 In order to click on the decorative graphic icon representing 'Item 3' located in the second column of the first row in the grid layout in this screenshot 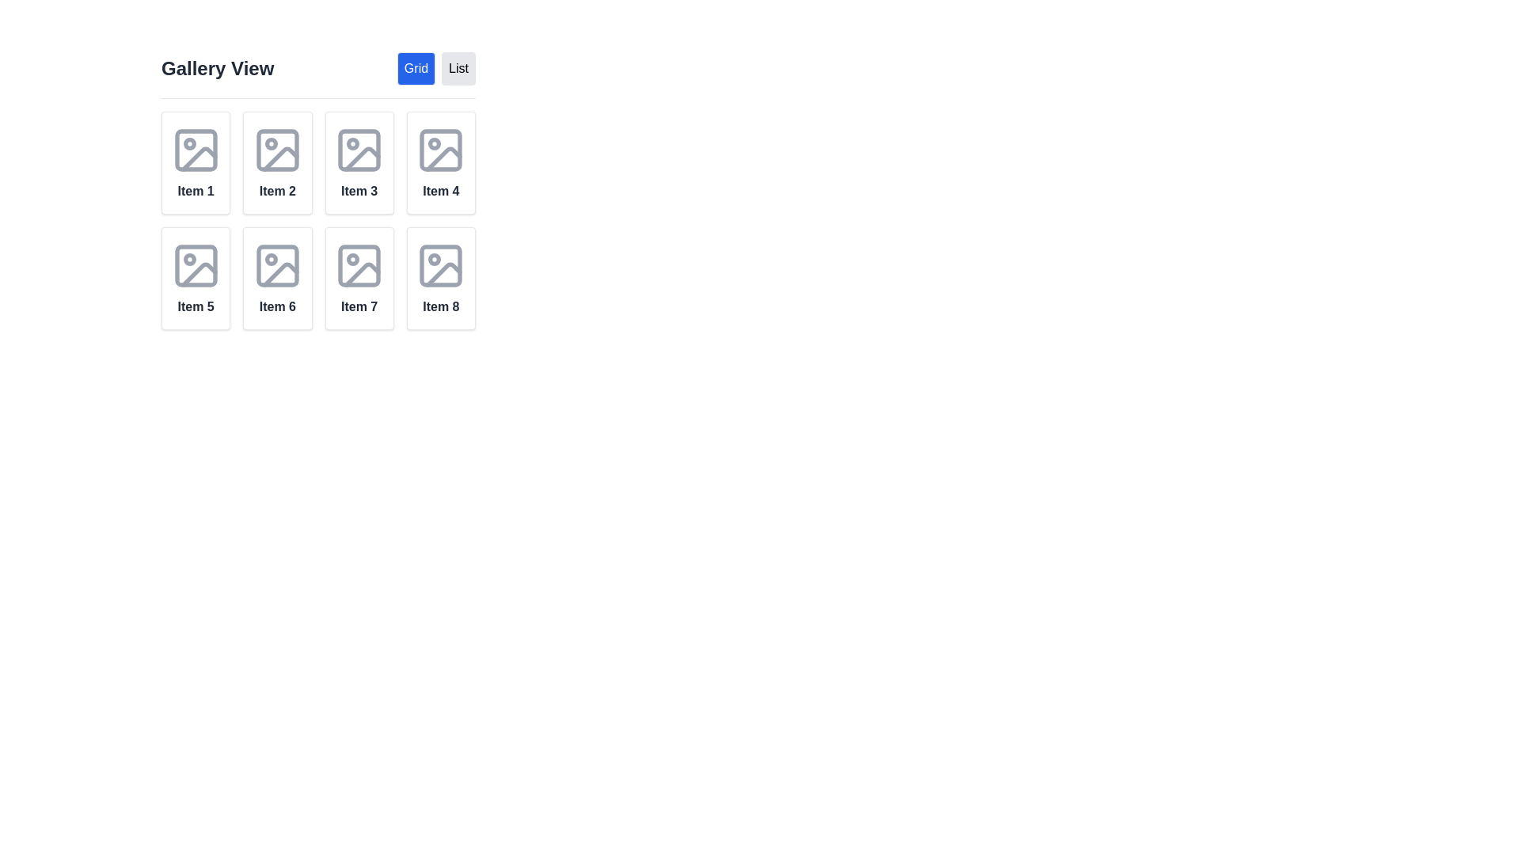, I will do `click(359, 150)`.